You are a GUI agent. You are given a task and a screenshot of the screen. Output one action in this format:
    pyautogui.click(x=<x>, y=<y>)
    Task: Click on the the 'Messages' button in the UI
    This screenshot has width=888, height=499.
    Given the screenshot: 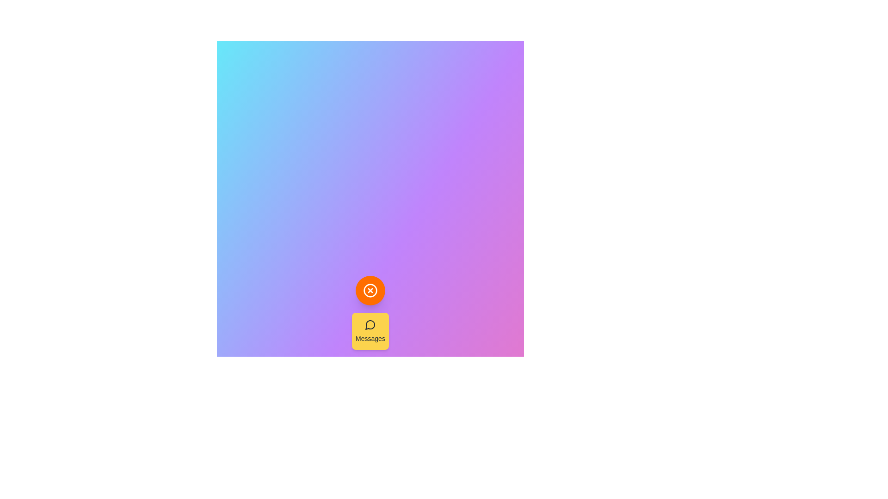 What is the action you would take?
    pyautogui.click(x=370, y=331)
    